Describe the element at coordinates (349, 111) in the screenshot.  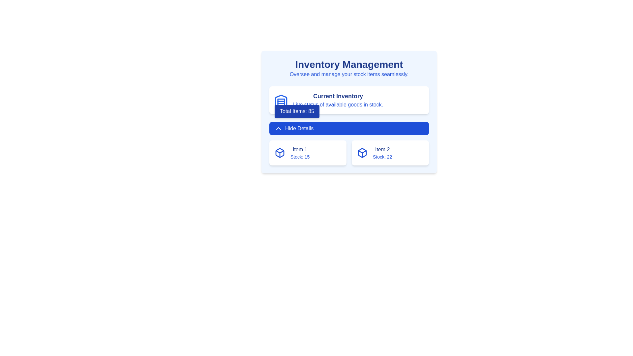
I see `the 'Hide Details' button located within the Inventory Management dashboard component, which is positioned centrally in the upper-middle region of the interface` at that location.